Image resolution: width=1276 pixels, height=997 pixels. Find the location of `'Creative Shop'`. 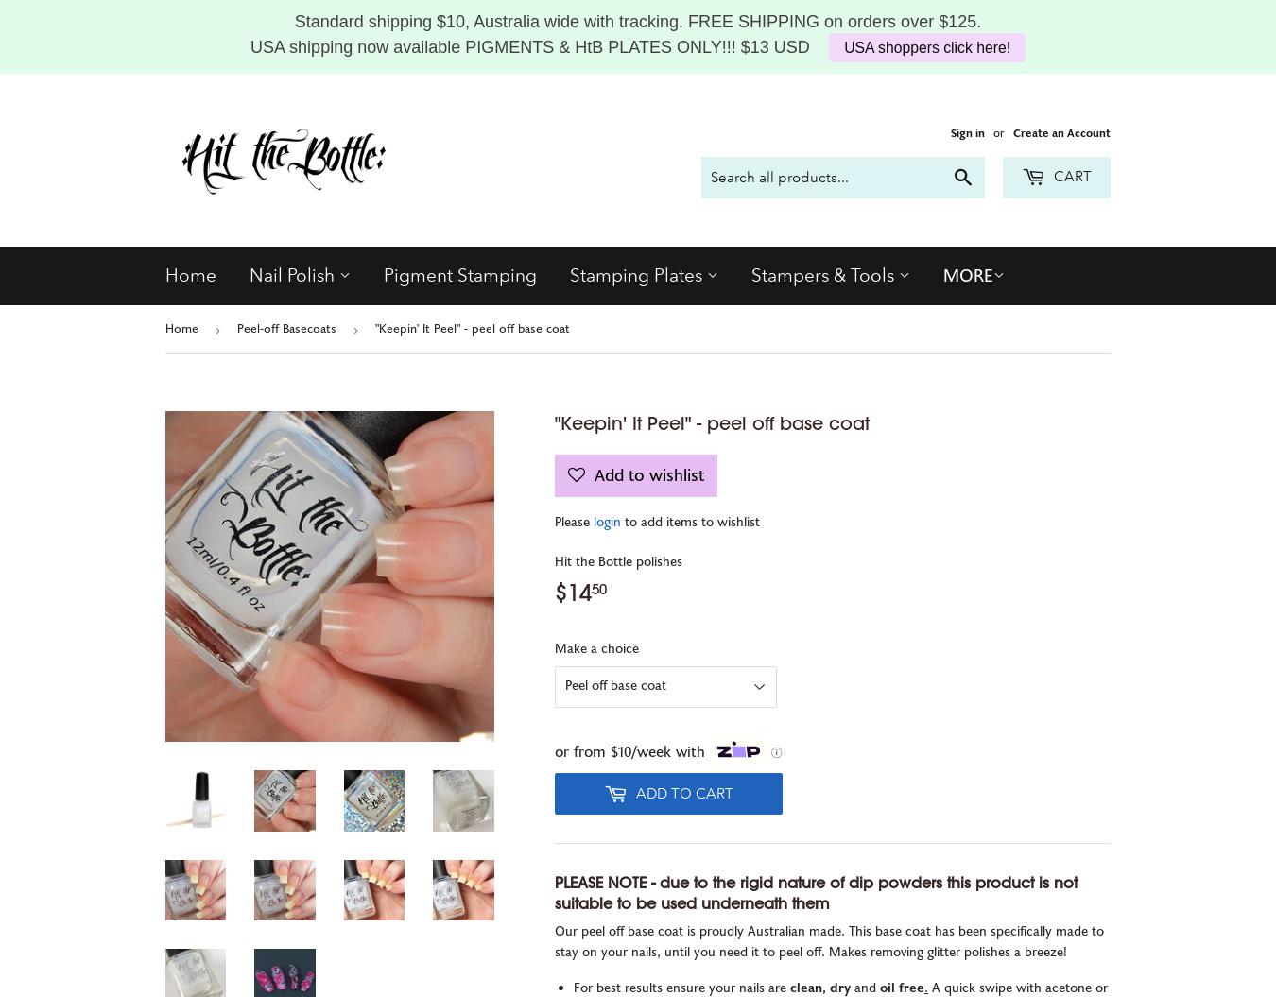

'Creative Shop' is located at coordinates (629, 326).